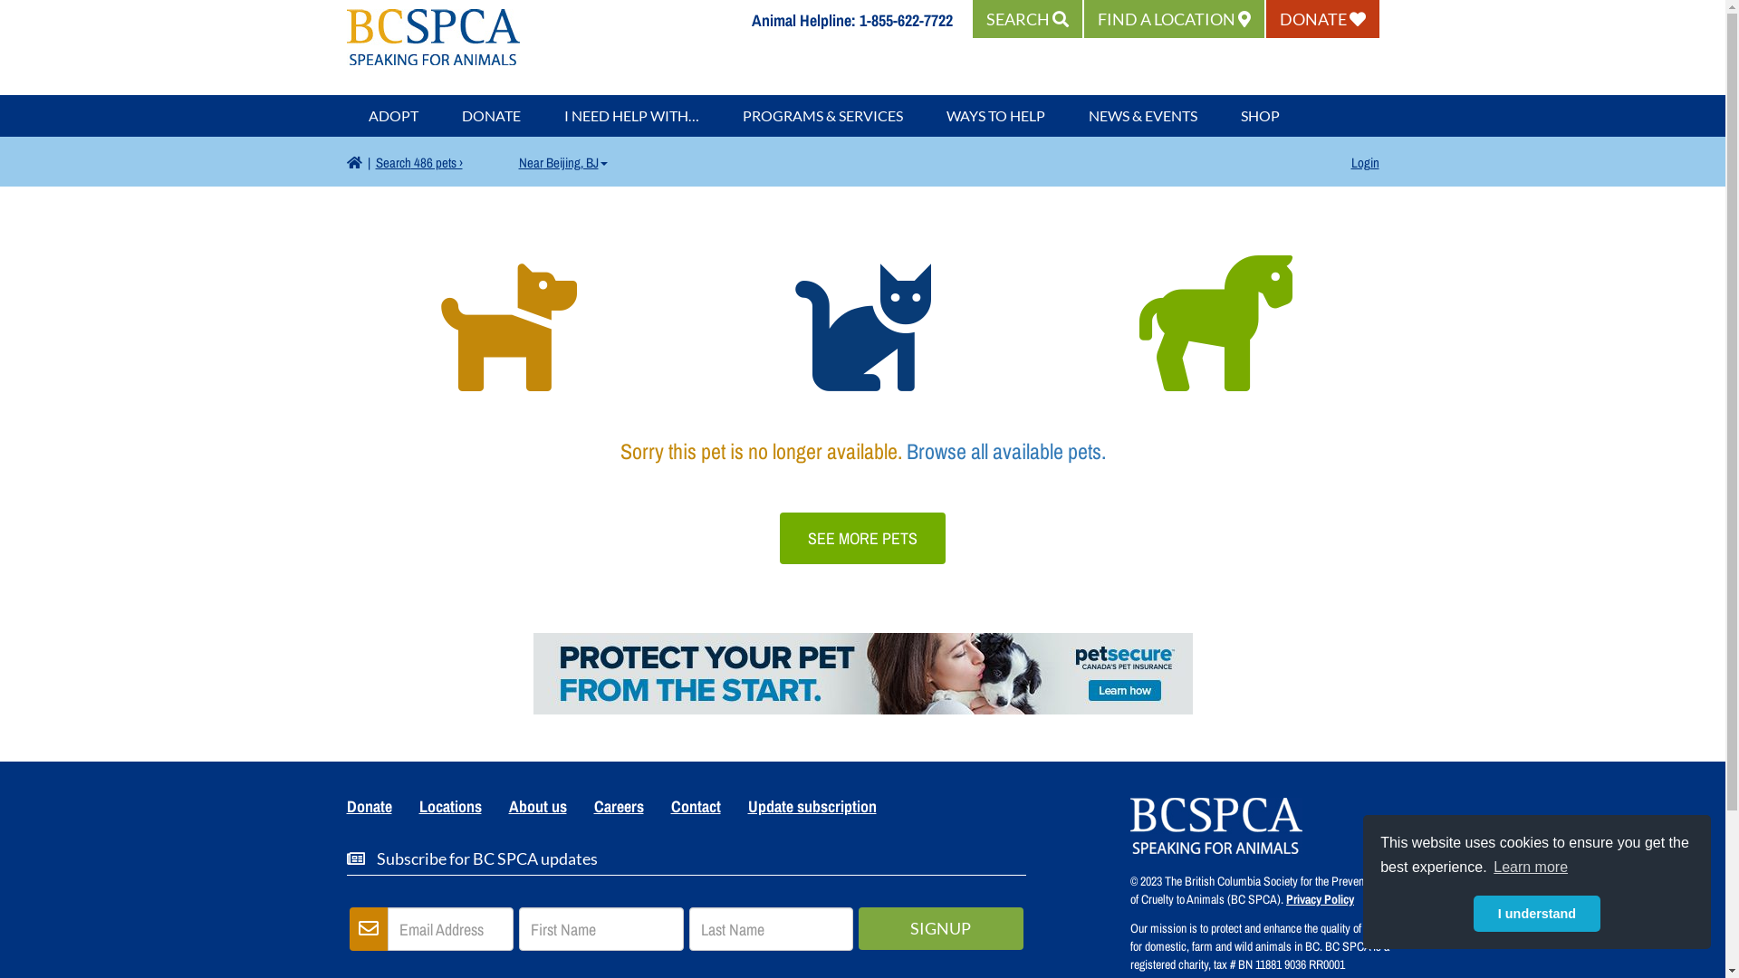 The image size is (1739, 978). What do you see at coordinates (369, 808) in the screenshot?
I see `'Donate'` at bounding box center [369, 808].